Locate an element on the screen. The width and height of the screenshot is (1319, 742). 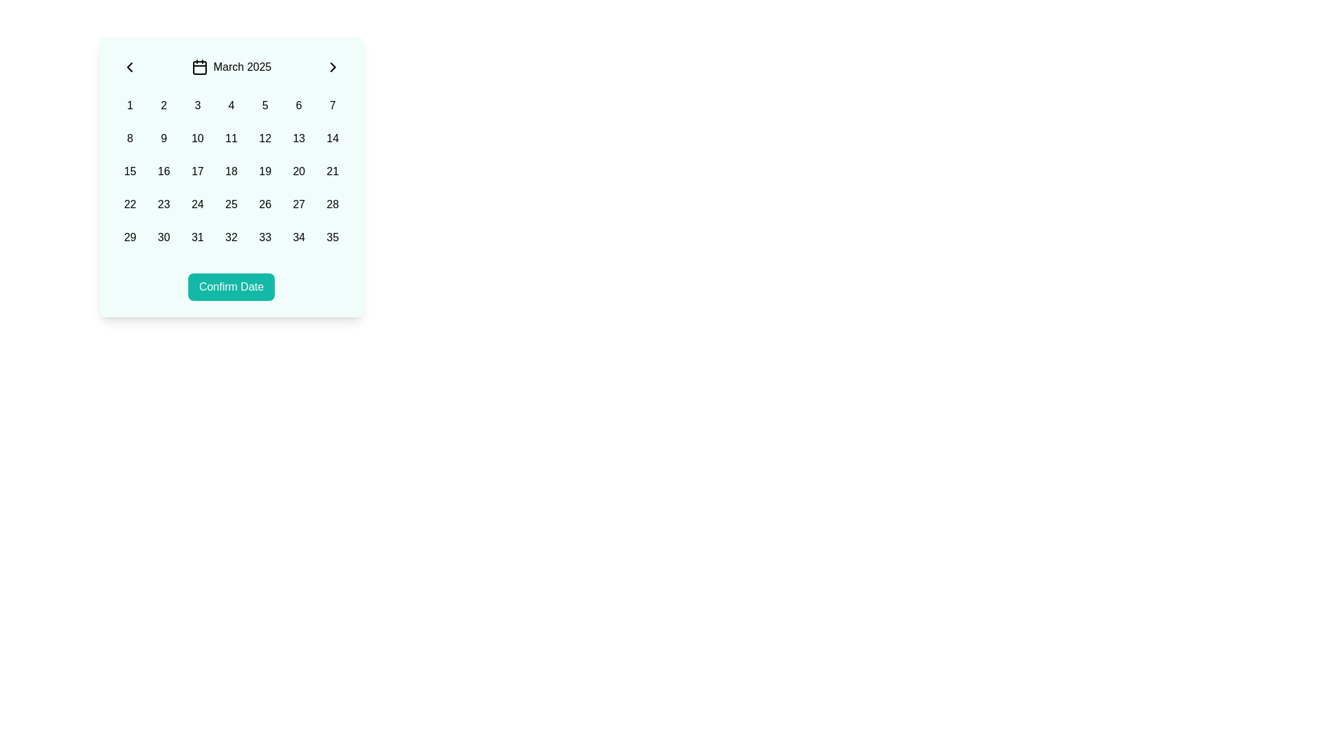
the interactive button representing the date '31' in the calendar view is located at coordinates (196, 237).